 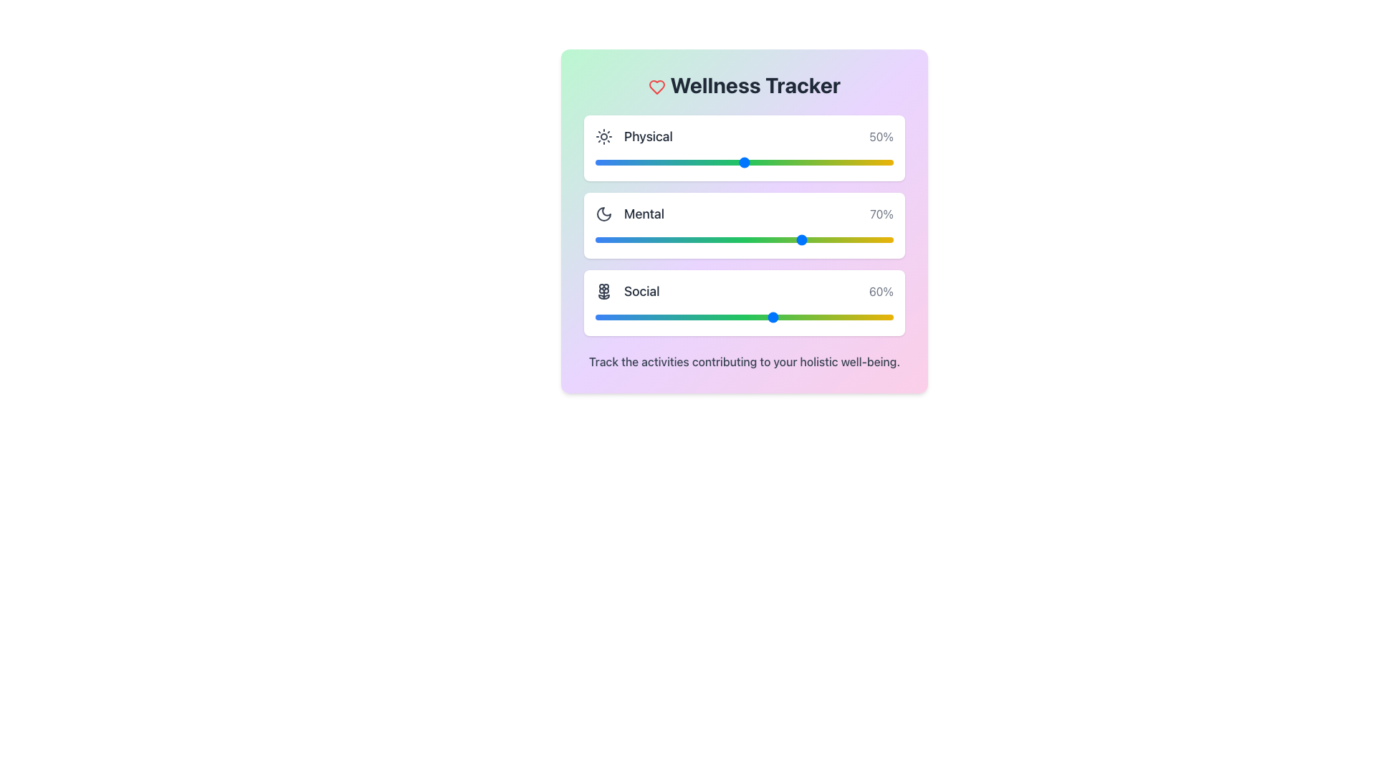 I want to click on the social tracker slider, so click(x=825, y=317).